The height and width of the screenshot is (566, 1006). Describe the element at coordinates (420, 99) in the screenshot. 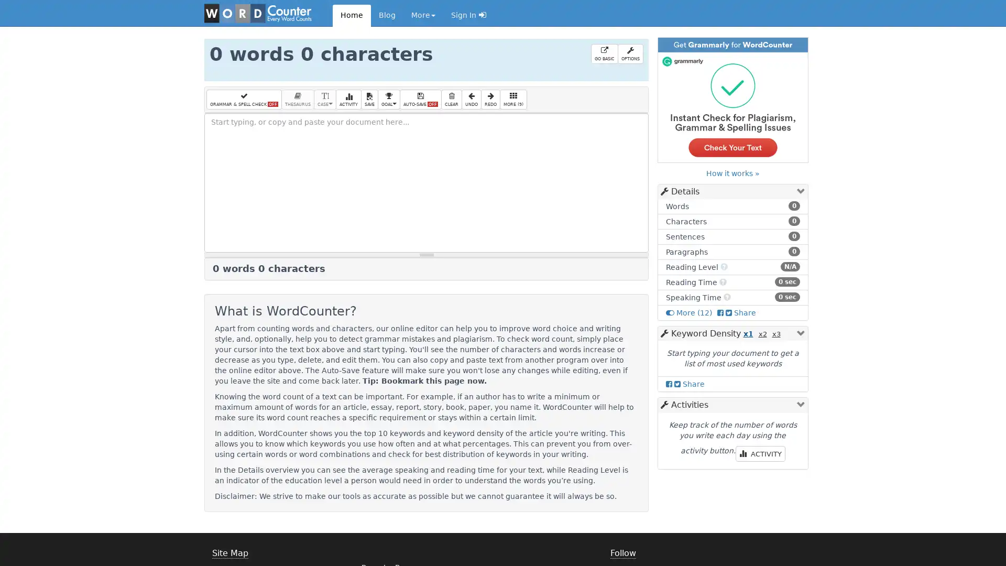

I see `AUTO-SAVEOFF` at that location.